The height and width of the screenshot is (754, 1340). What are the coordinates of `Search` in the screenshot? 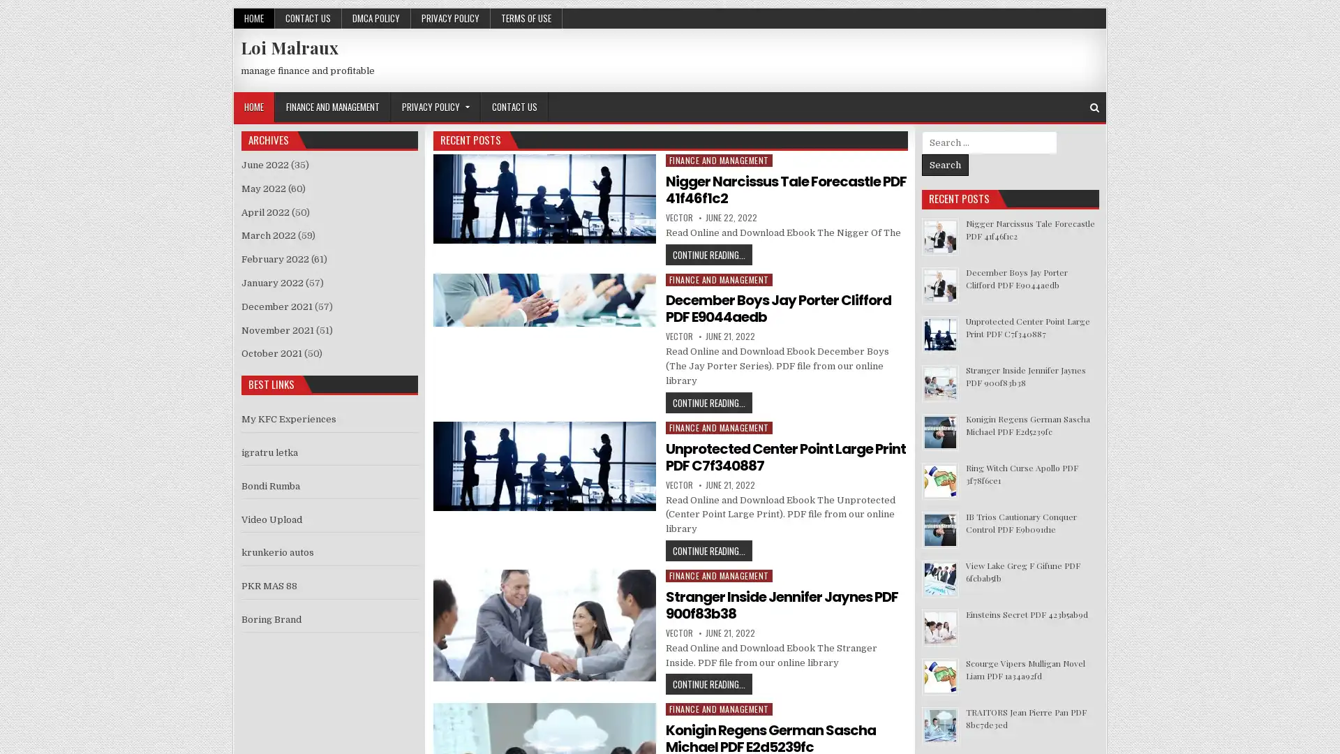 It's located at (945, 164).